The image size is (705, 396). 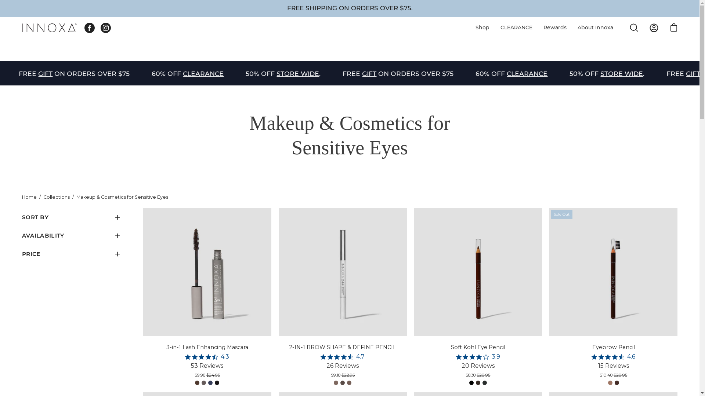 What do you see at coordinates (342, 375) in the screenshot?
I see `'$9.18 $22.95'` at bounding box center [342, 375].